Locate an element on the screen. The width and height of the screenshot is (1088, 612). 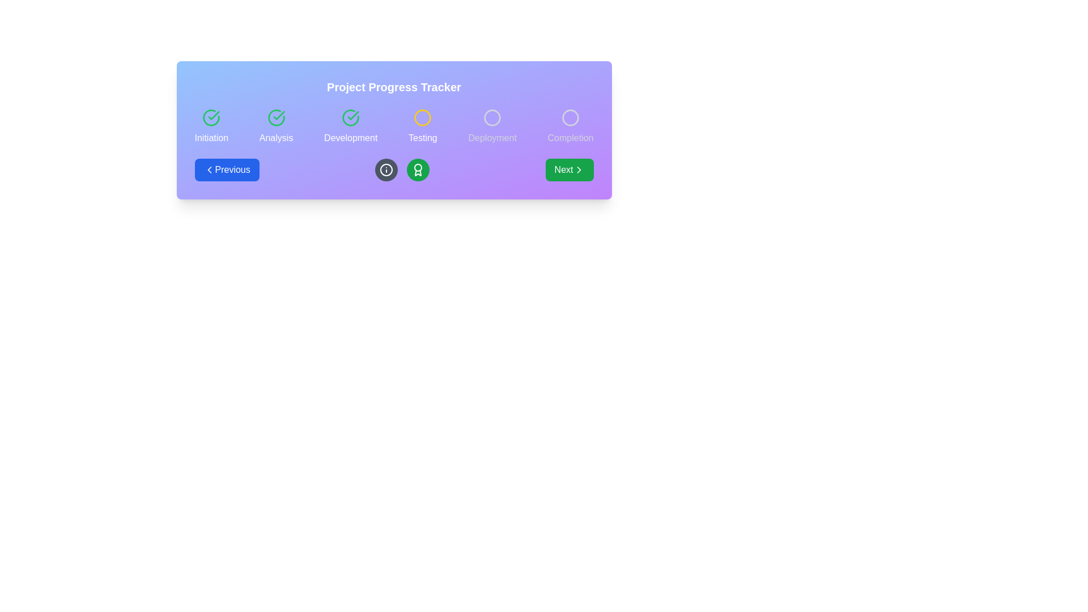
the circular green-bordered icon with a checkmark shape that indicates a completed state, associated with the label 'Analysis' below it is located at coordinates (276, 118).